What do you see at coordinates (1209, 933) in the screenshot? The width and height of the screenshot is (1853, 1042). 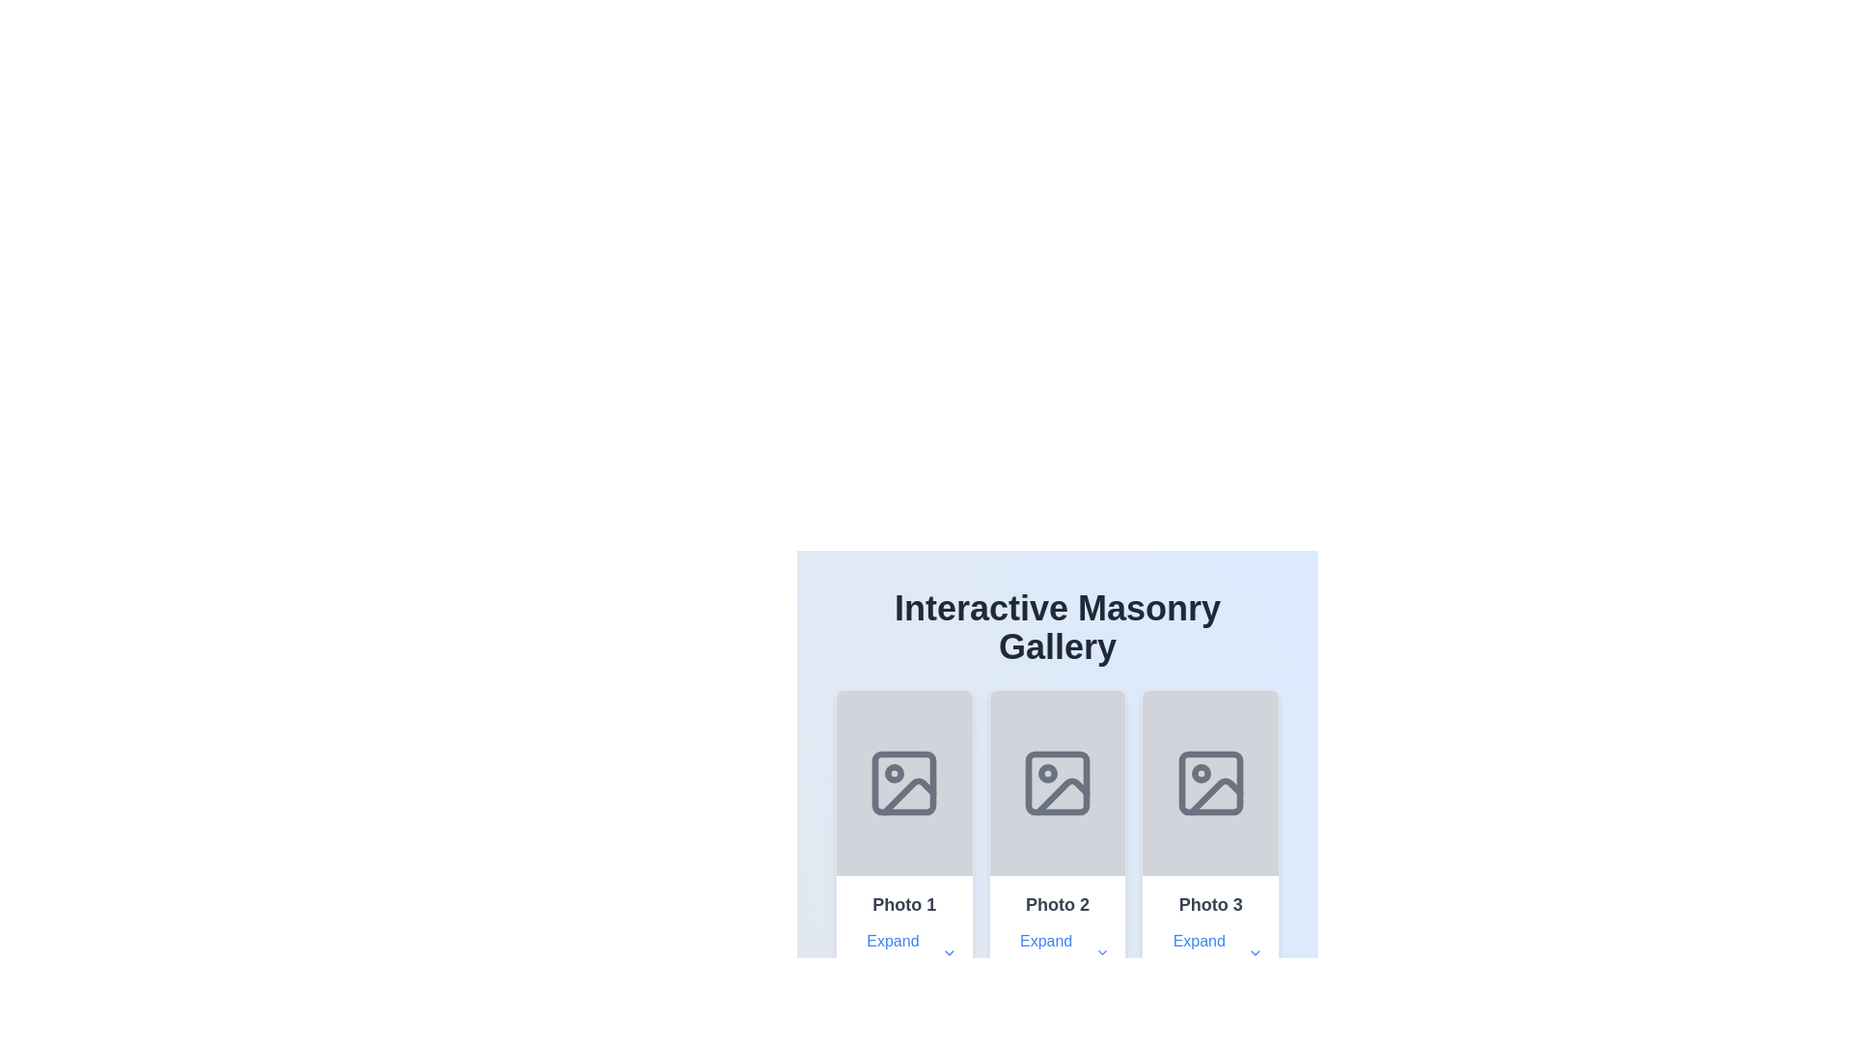 I see `the 'Expand Details' text link beneath the title 'Photo 3' in the third column of the masonry-style gallery` at bounding box center [1209, 933].